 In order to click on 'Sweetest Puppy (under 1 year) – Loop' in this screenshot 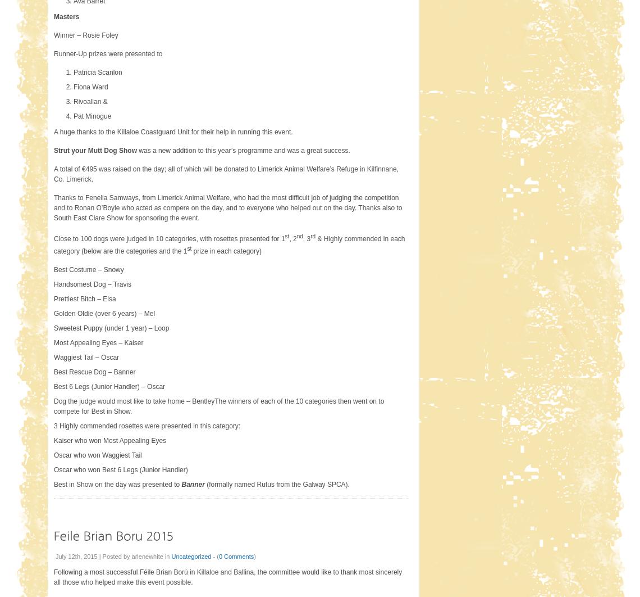, I will do `click(53, 328)`.